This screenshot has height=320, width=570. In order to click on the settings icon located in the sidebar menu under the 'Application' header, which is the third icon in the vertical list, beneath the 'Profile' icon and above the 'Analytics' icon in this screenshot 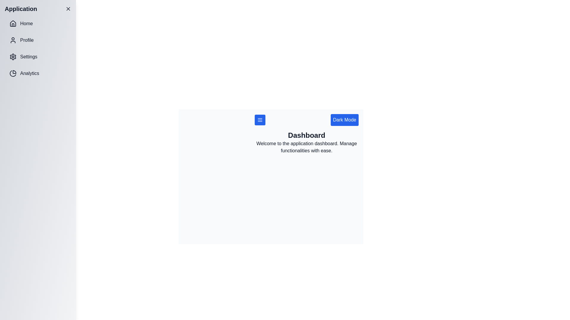, I will do `click(13, 57)`.